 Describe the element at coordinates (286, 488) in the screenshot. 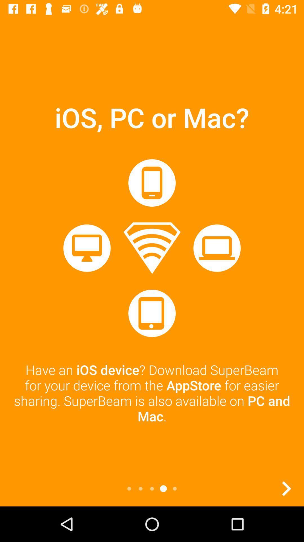

I see `next button` at that location.